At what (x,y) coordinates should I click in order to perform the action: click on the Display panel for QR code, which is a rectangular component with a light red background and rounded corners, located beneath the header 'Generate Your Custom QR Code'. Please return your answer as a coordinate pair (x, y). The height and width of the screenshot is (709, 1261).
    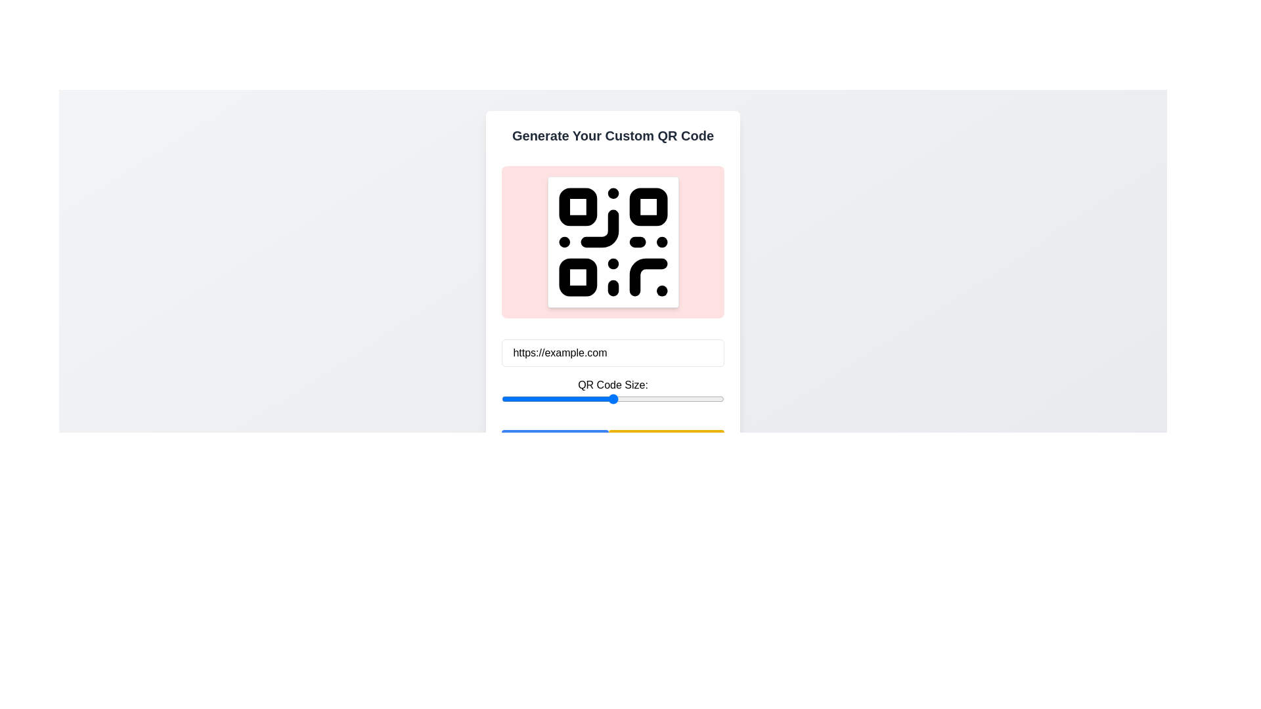
    Looking at the image, I should click on (612, 242).